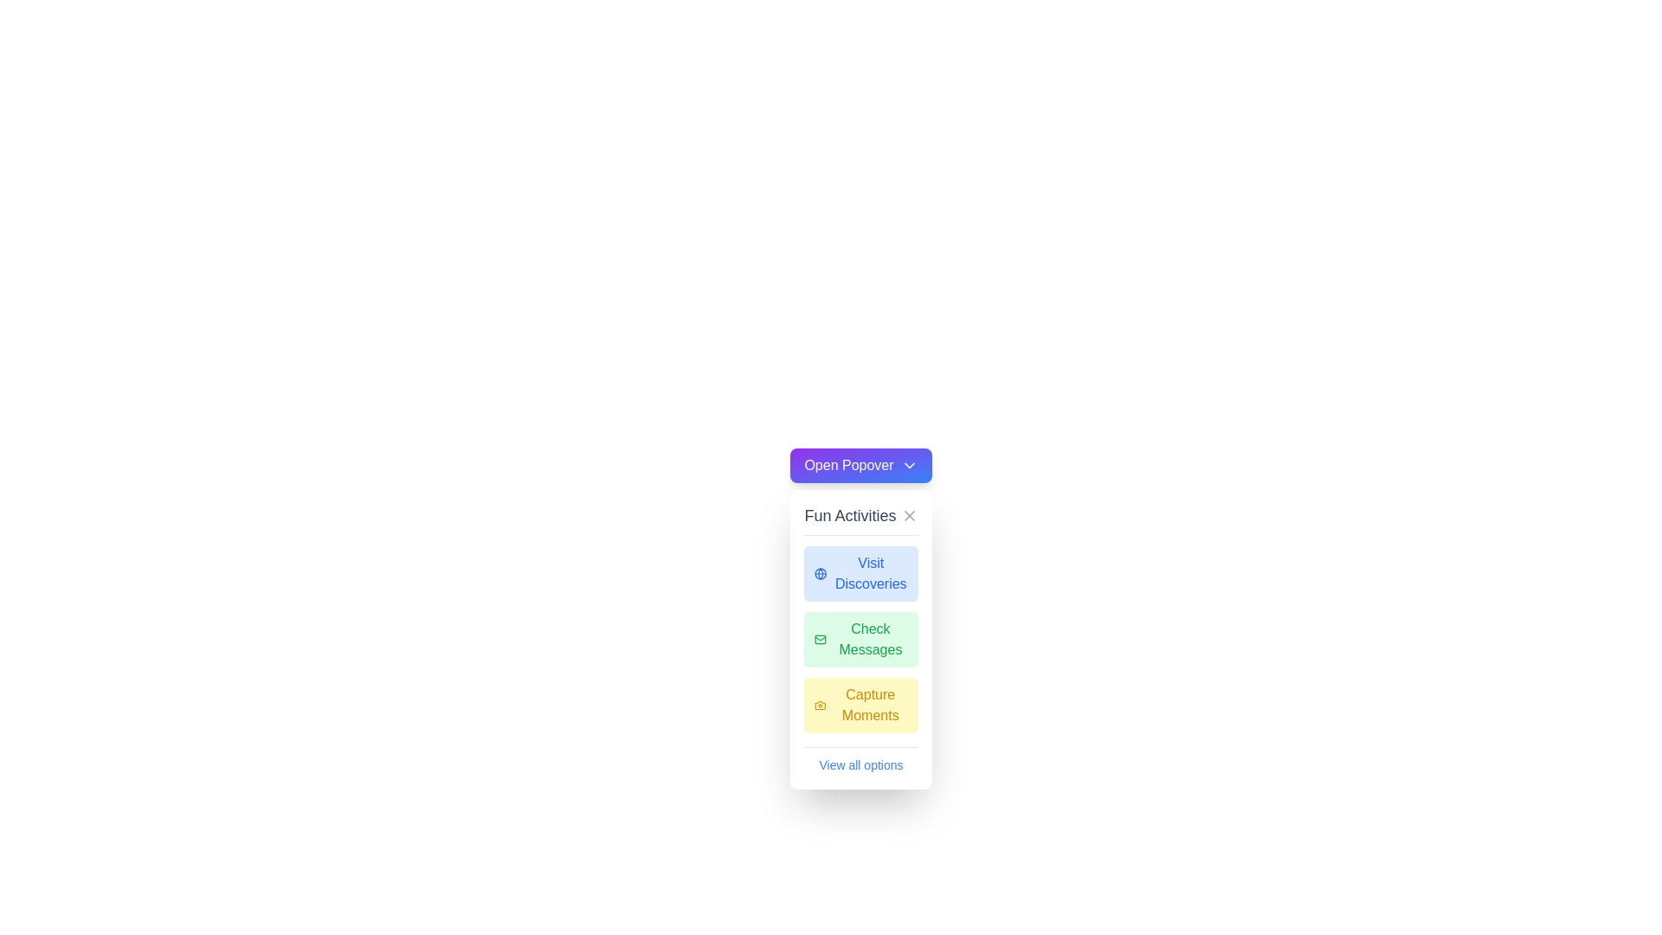 This screenshot has width=1662, height=935. What do you see at coordinates (820, 705) in the screenshot?
I see `the small camera icon located to the left of the 'Capture Moments' text within the yellow button` at bounding box center [820, 705].